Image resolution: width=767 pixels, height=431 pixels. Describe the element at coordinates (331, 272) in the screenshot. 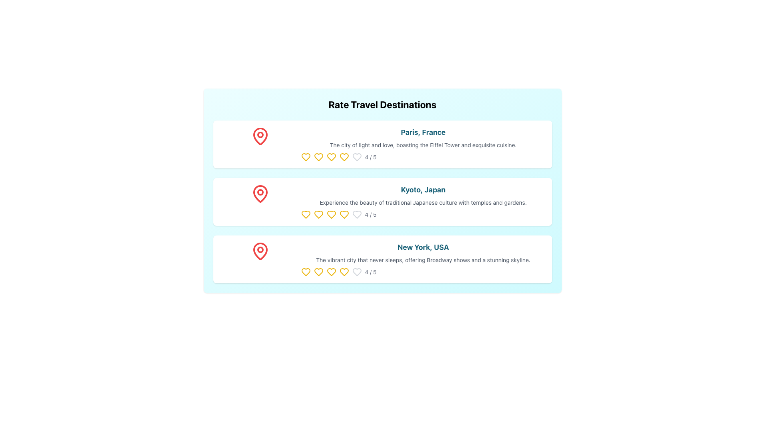

I see `the fourth heart-shaped rating icon for 'New York, USA'` at that location.